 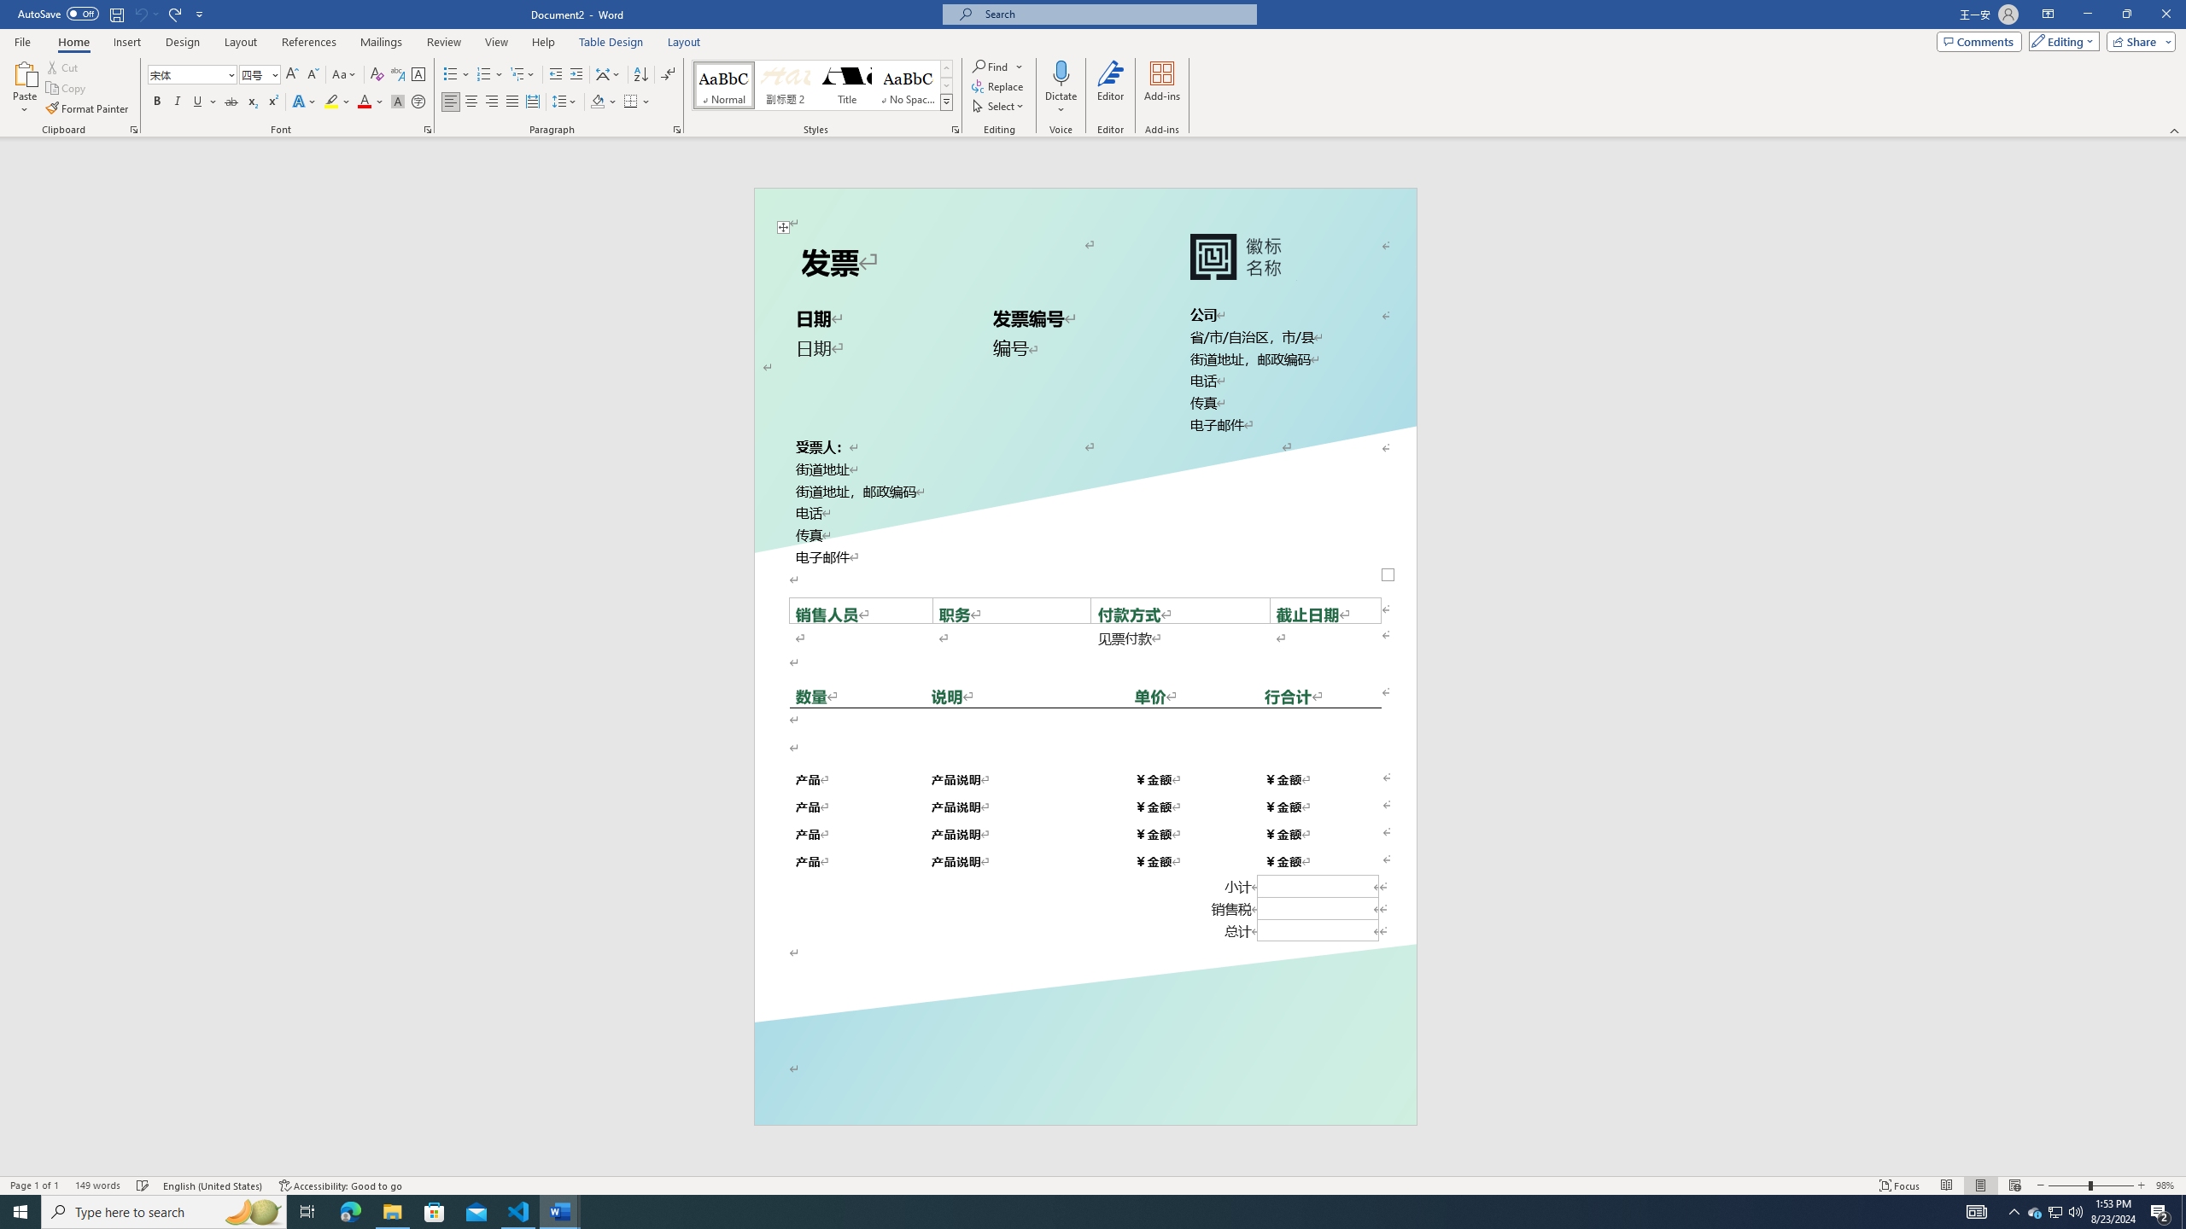 What do you see at coordinates (1085, 1085) in the screenshot?
I see `'First Page Footer -Section 1-'` at bounding box center [1085, 1085].